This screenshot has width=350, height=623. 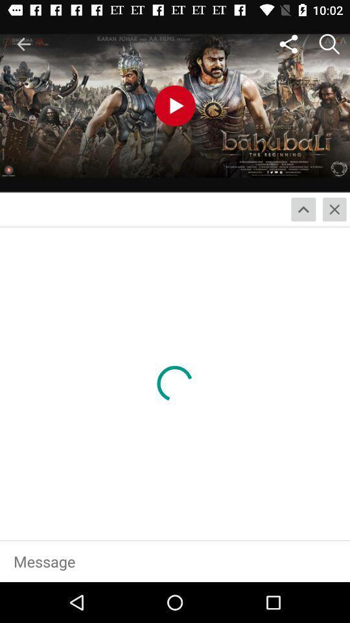 What do you see at coordinates (303, 209) in the screenshot?
I see `the expand_less icon` at bounding box center [303, 209].